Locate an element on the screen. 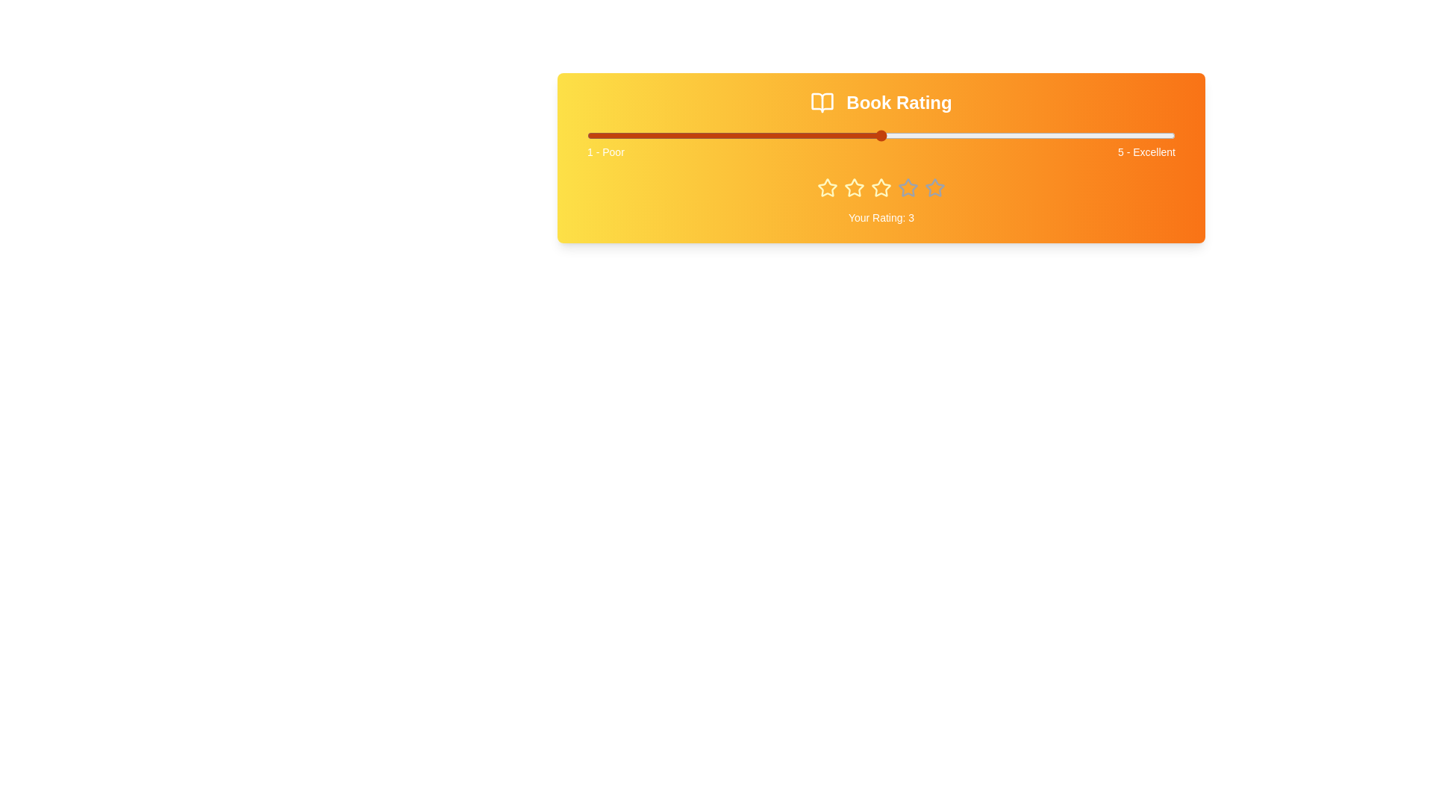  the book rating is located at coordinates (587, 135).